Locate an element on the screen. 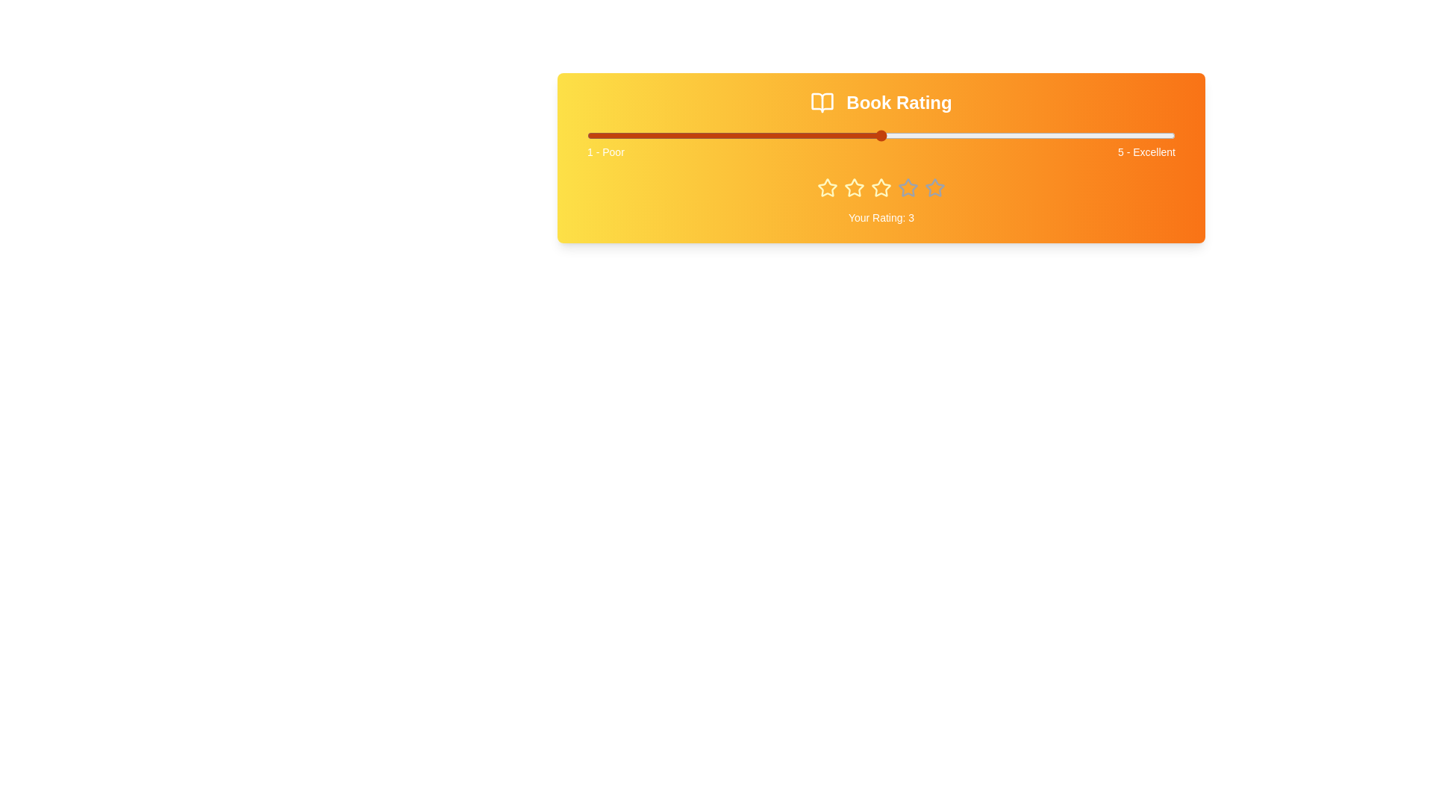  the book rating is located at coordinates (587, 135).